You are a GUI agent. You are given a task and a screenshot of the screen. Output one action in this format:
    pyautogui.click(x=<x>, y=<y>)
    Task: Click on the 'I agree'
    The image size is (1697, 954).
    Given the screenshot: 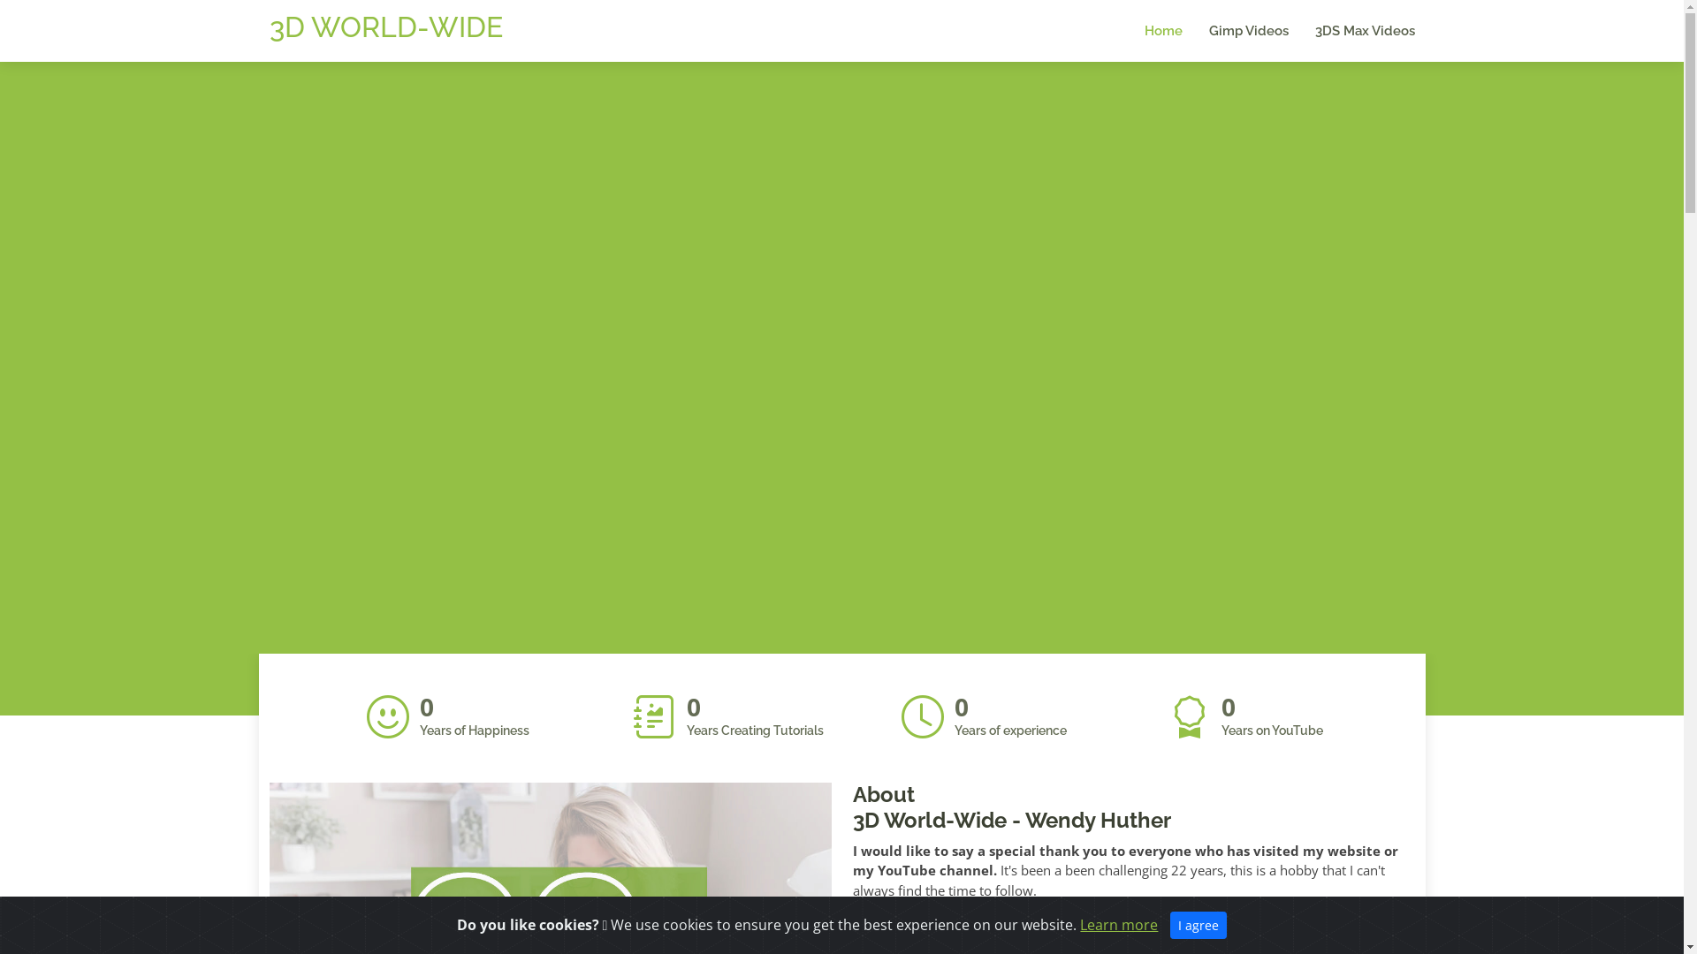 What is the action you would take?
    pyautogui.click(x=1199, y=924)
    